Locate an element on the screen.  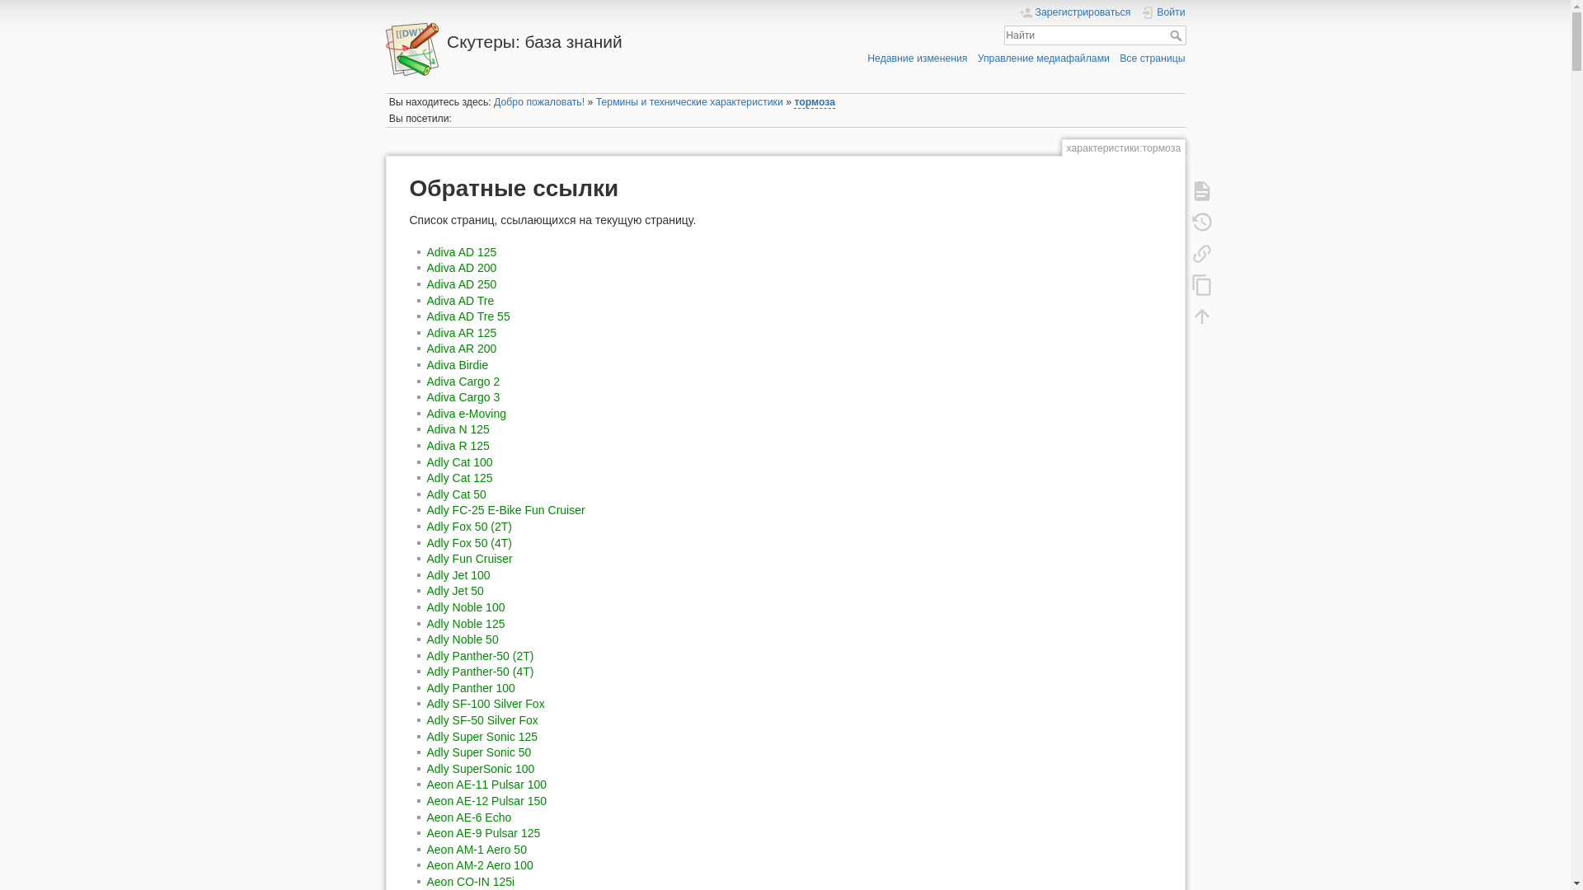
'Adly Noble 50' is located at coordinates (462, 638).